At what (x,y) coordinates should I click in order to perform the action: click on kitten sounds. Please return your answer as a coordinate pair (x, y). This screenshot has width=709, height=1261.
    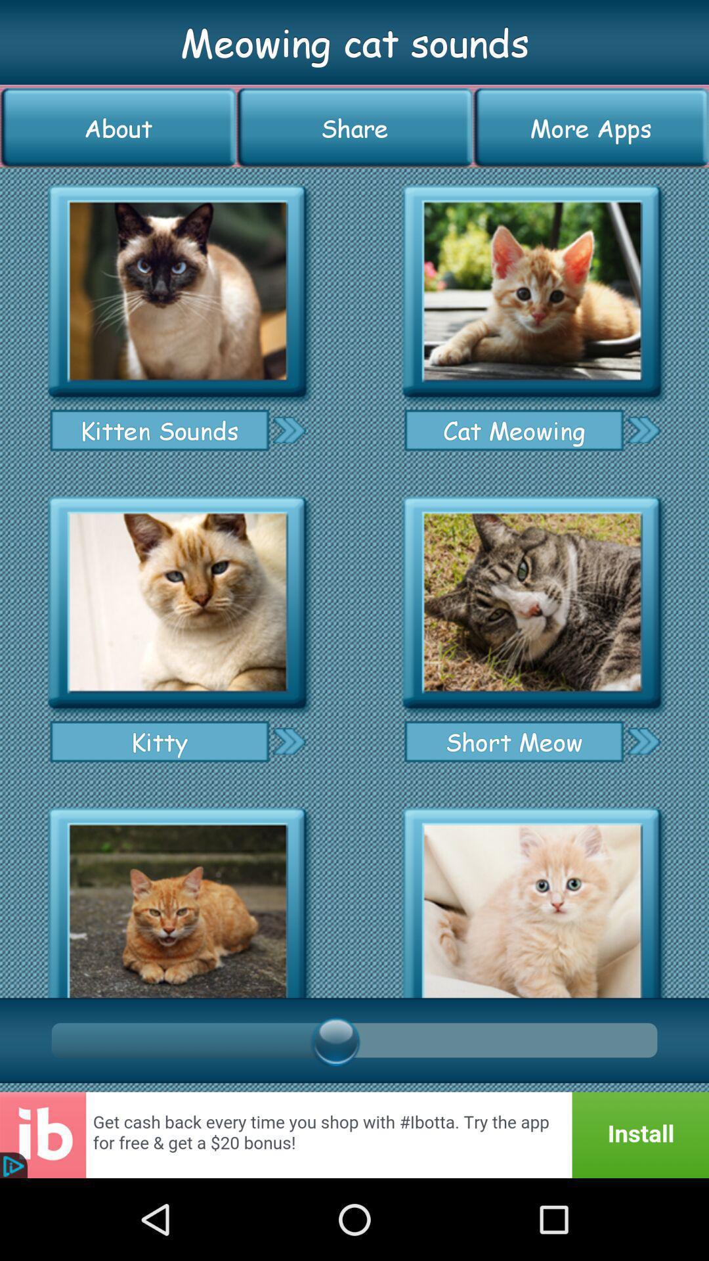
    Looking at the image, I should click on (177, 291).